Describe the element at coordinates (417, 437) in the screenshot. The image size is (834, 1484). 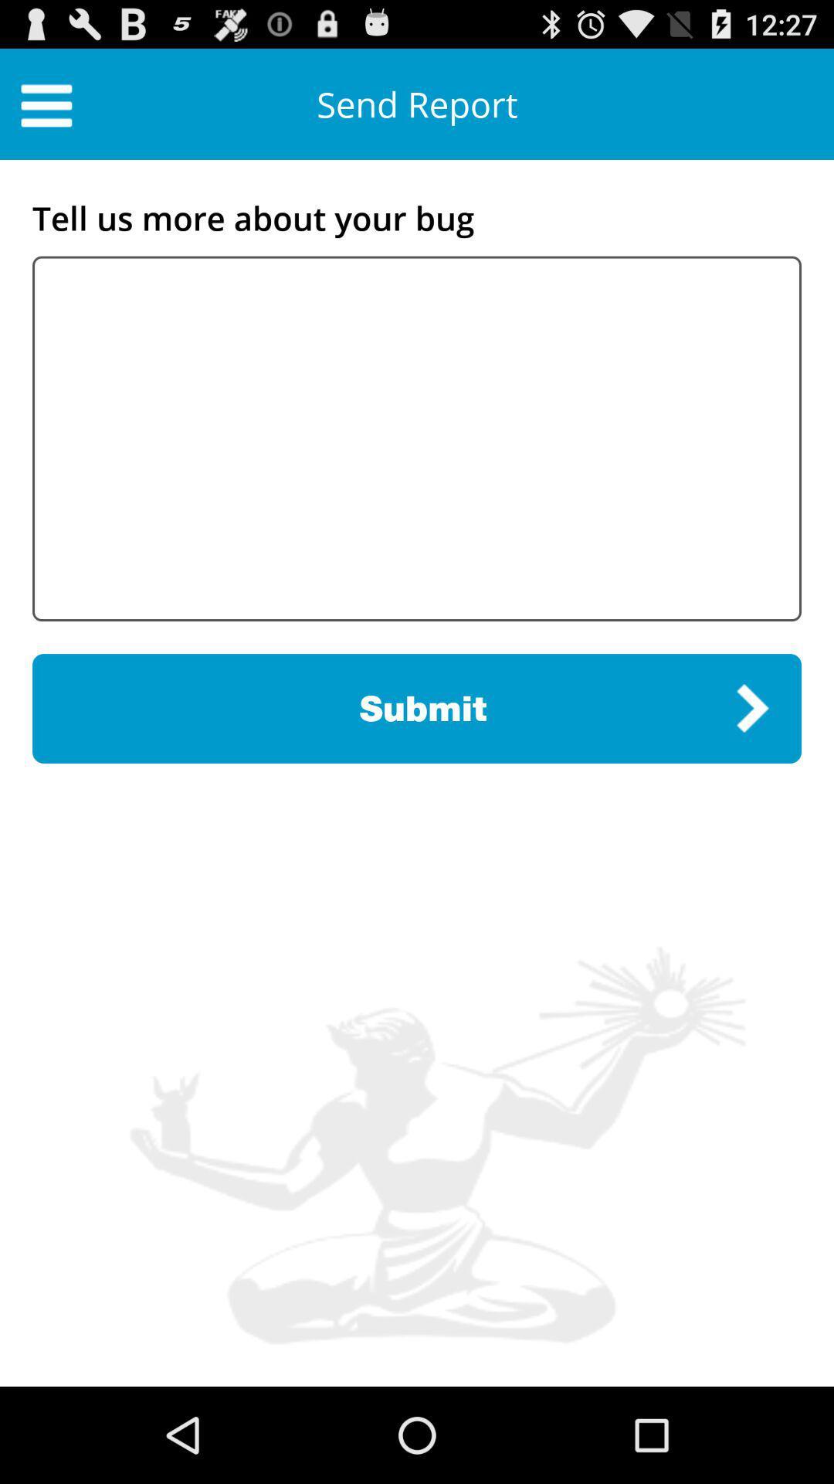
I see `description for your blog` at that location.